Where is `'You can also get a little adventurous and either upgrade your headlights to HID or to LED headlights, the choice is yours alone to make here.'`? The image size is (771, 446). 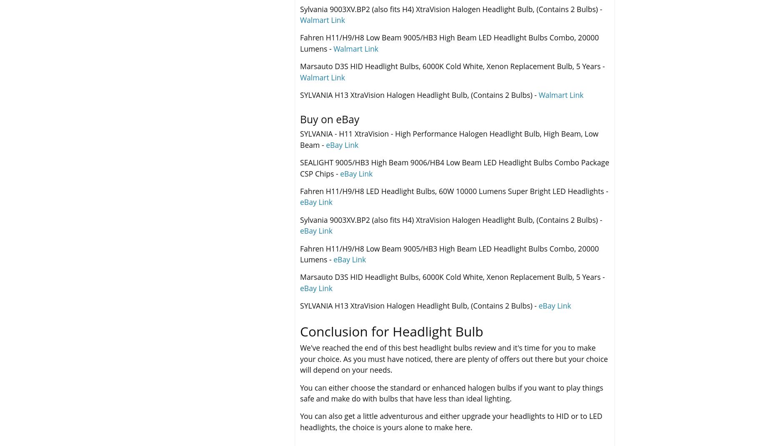
'You can also get a little adventurous and either upgrade your headlights to HID or to LED headlights, the choice is yours alone to make here.' is located at coordinates (451, 421).